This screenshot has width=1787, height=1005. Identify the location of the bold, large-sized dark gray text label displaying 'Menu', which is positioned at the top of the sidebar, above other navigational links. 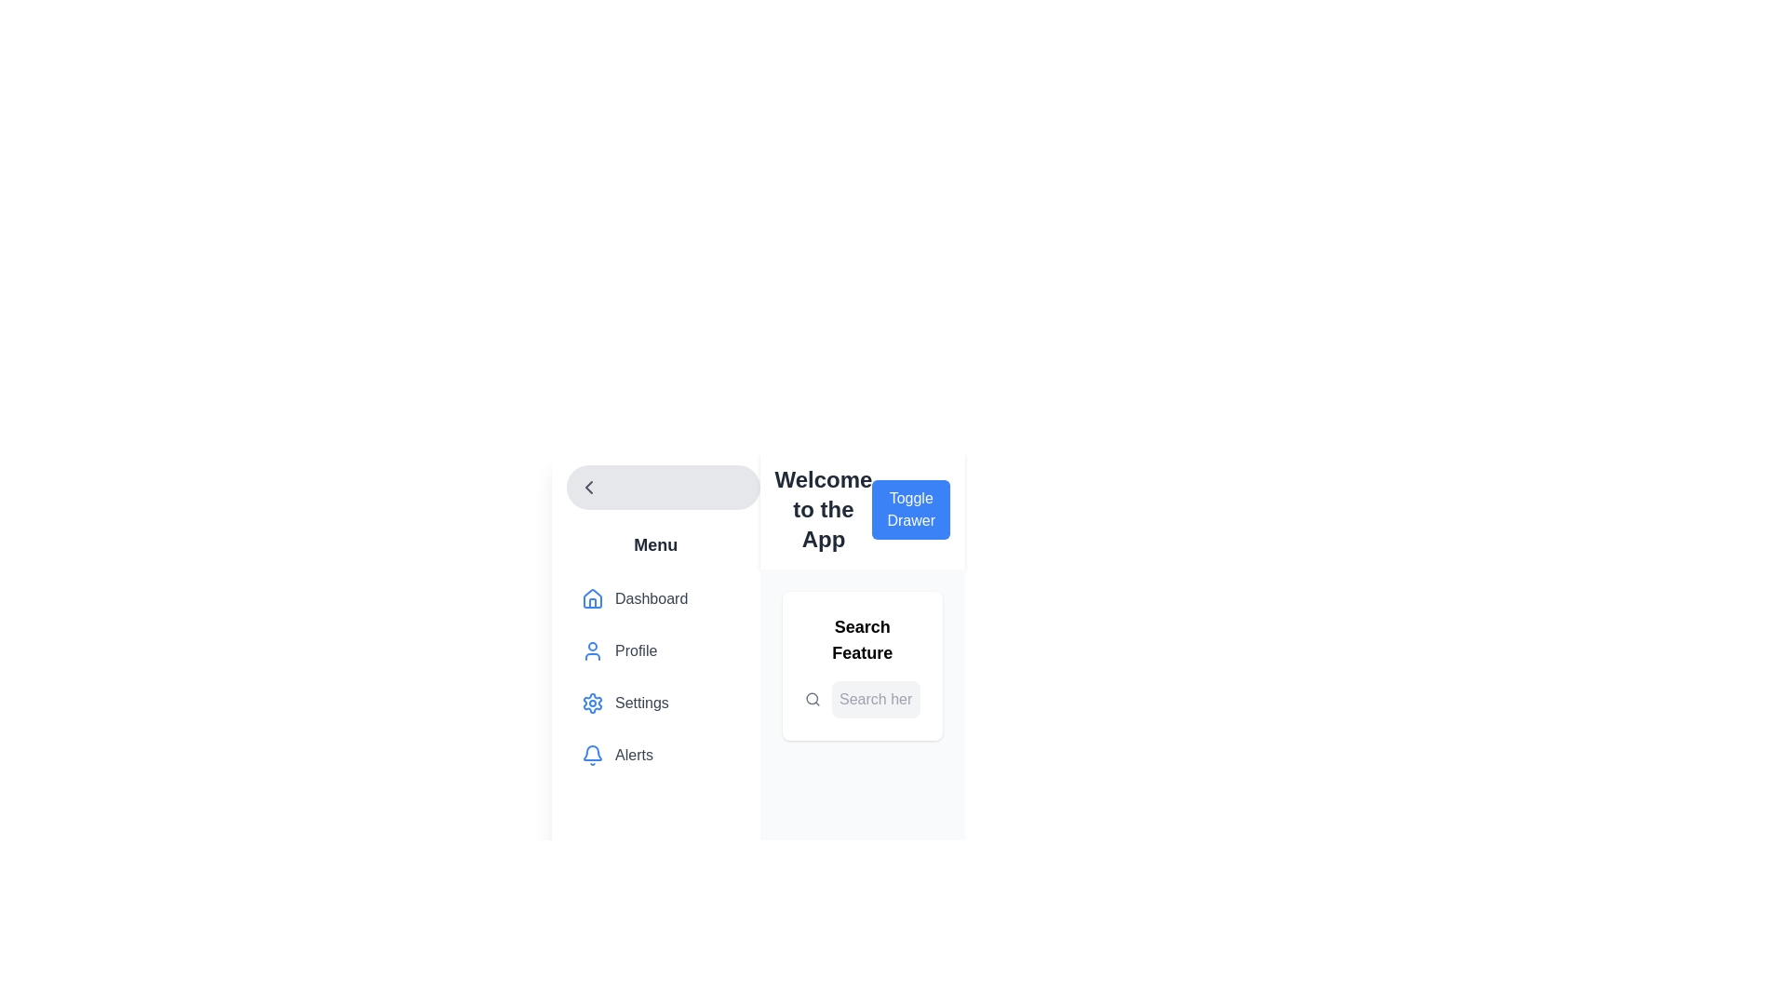
(655, 544).